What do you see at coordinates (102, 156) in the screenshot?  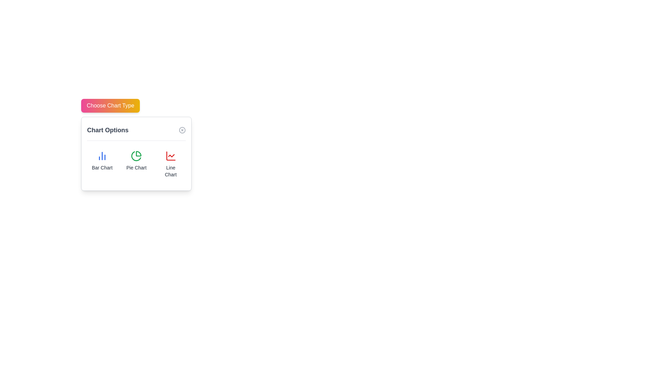 I see `the blue bar chart icon located in the 'Chart Options' panel` at bounding box center [102, 156].